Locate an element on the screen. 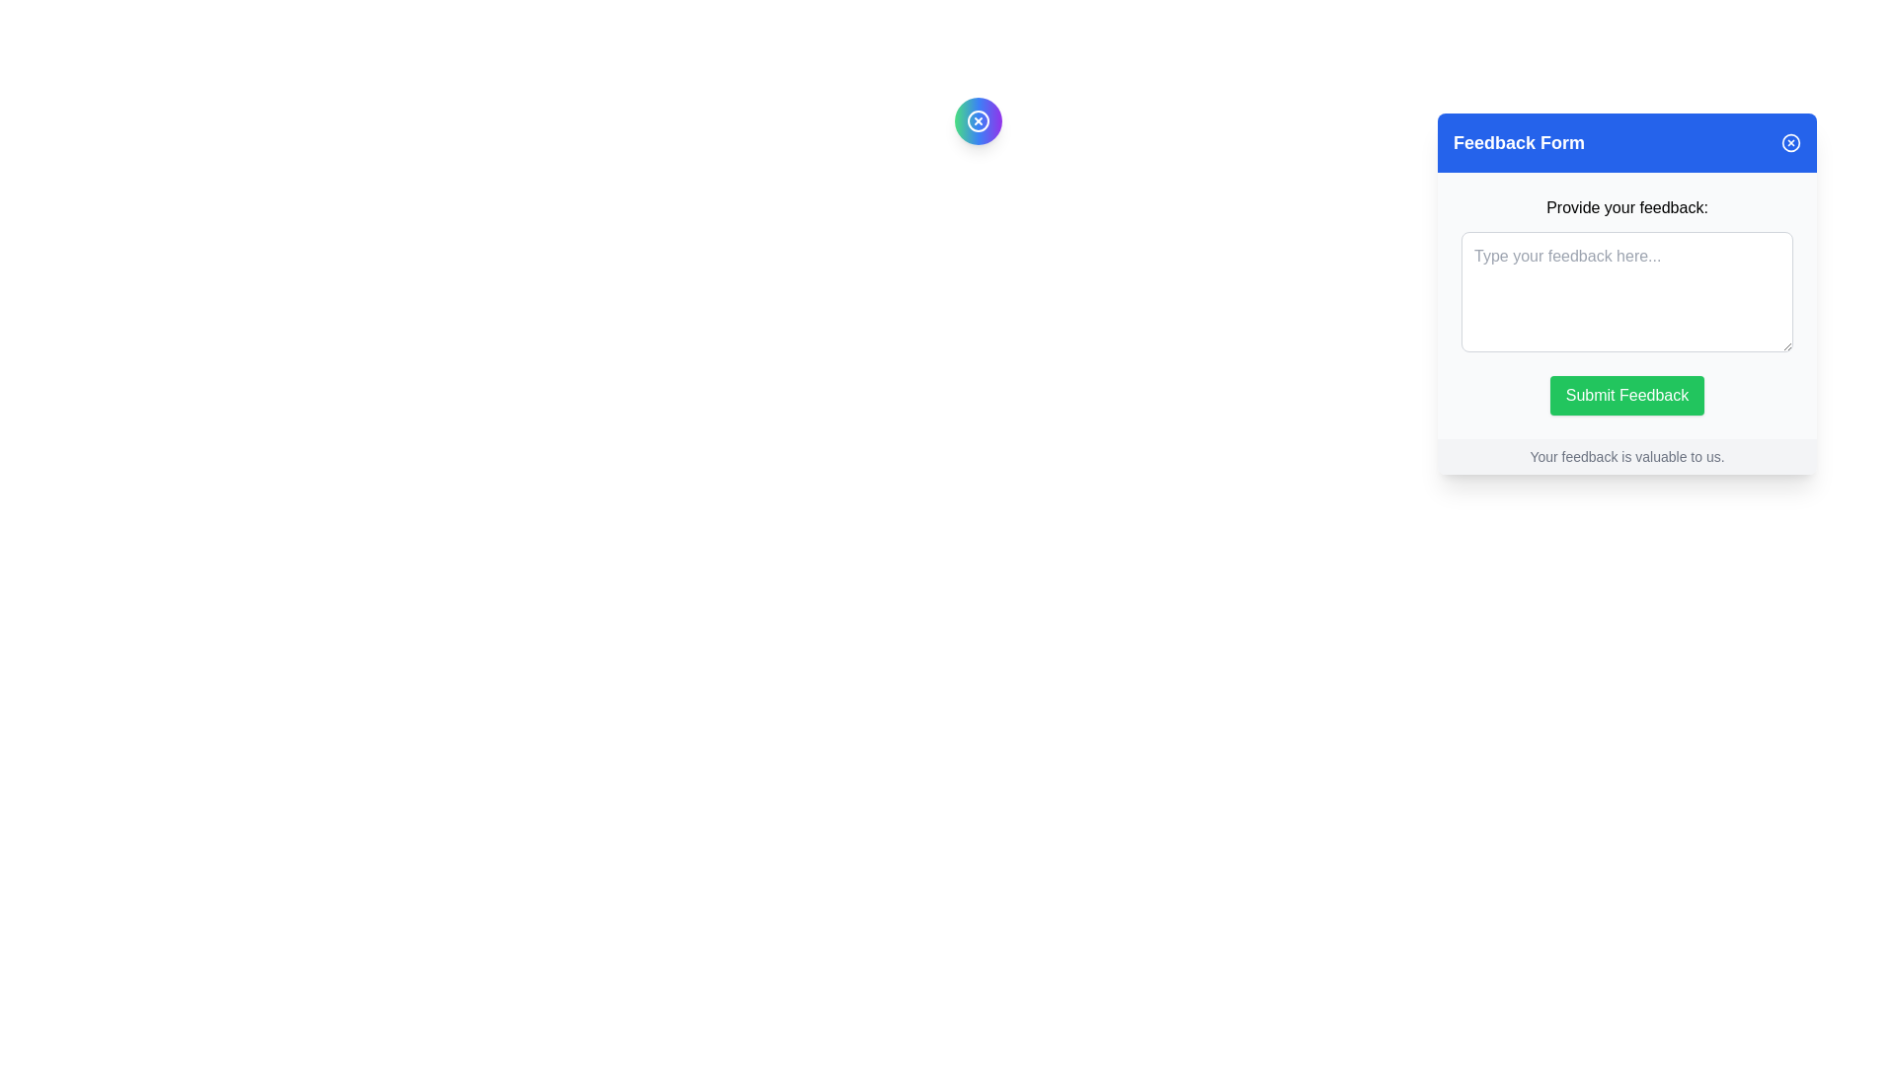 The height and width of the screenshot is (1066, 1896). 'Feedback Form' text label at the top section of the panel to understand the panel's purpose is located at coordinates (1518, 142).